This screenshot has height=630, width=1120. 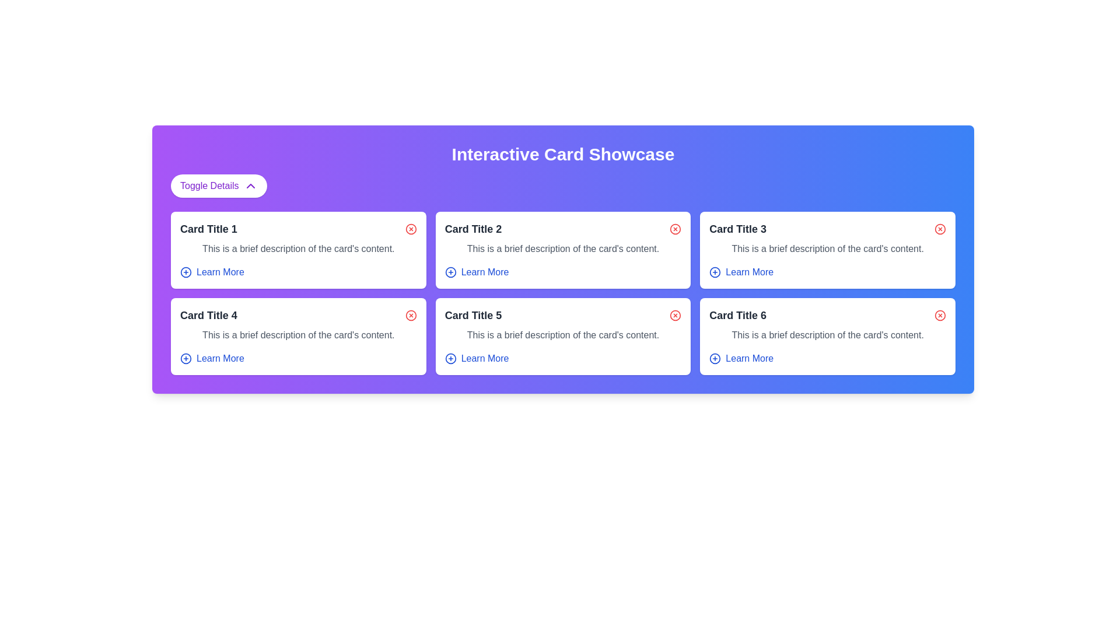 What do you see at coordinates (715, 272) in the screenshot?
I see `the circular icon button with a plus sign (+) located to the left of the 'Learn More' text link in the 'Learn More' action row for 'Card Title 3'` at bounding box center [715, 272].